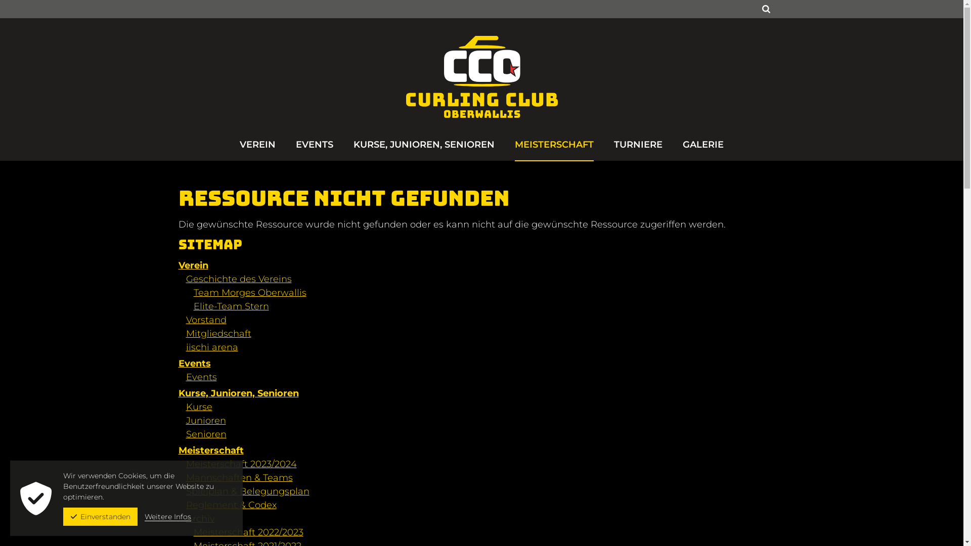  Describe the element at coordinates (200, 519) in the screenshot. I see `'Archiv'` at that location.